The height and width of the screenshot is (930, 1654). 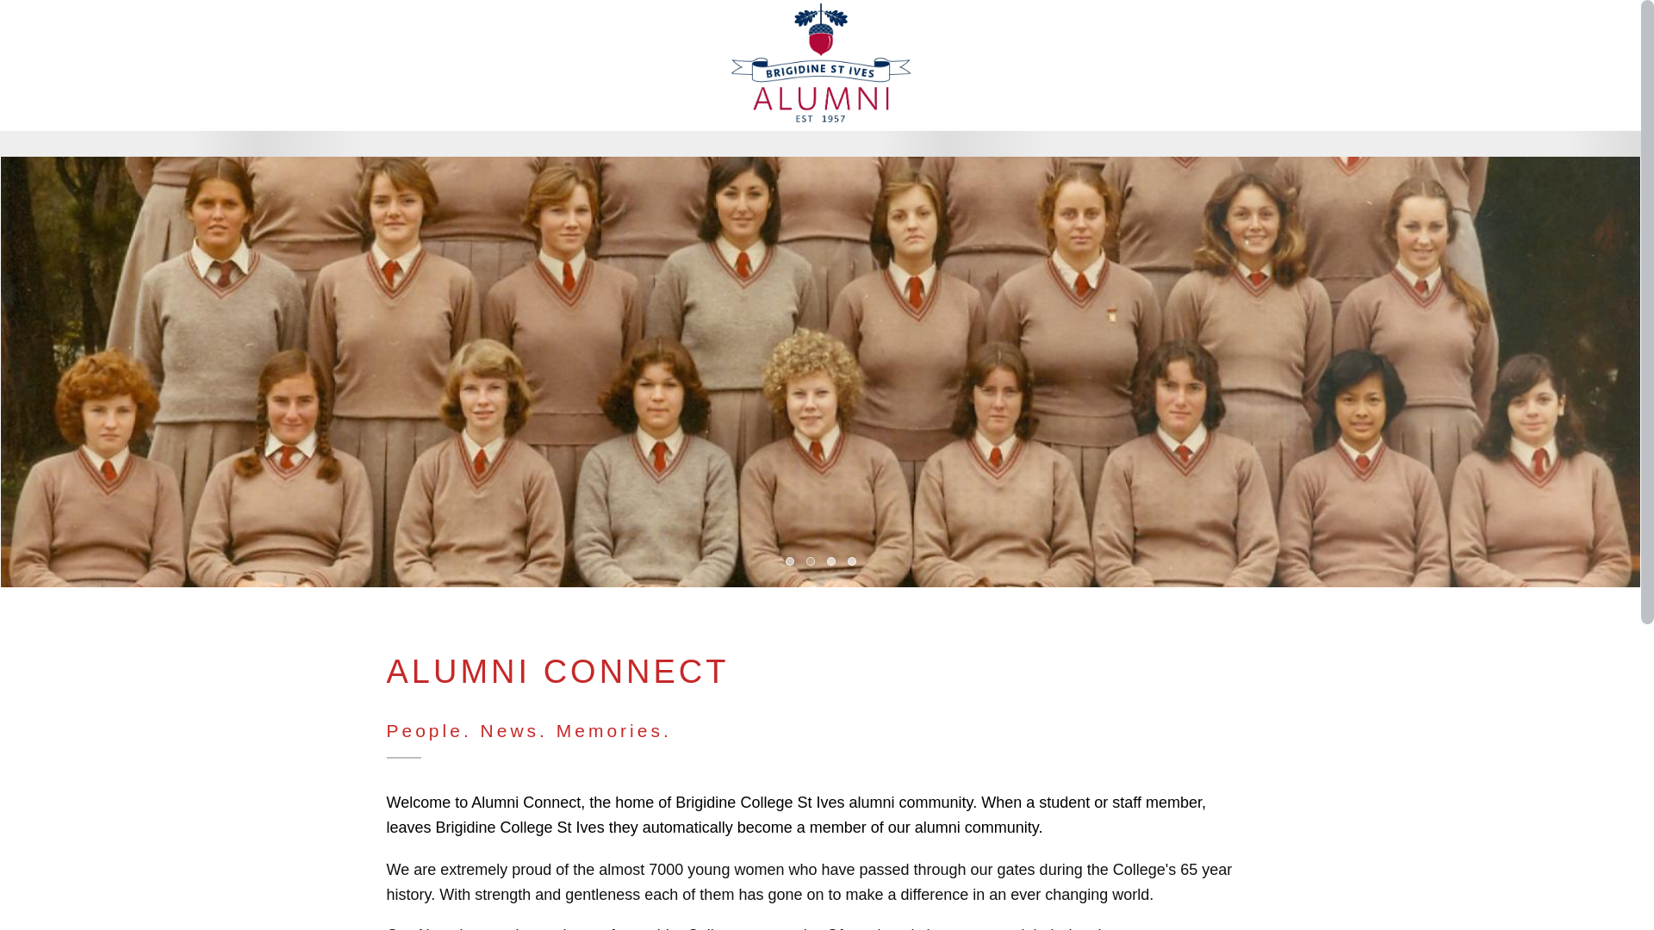 What do you see at coordinates (788, 561) in the screenshot?
I see `'1'` at bounding box center [788, 561].